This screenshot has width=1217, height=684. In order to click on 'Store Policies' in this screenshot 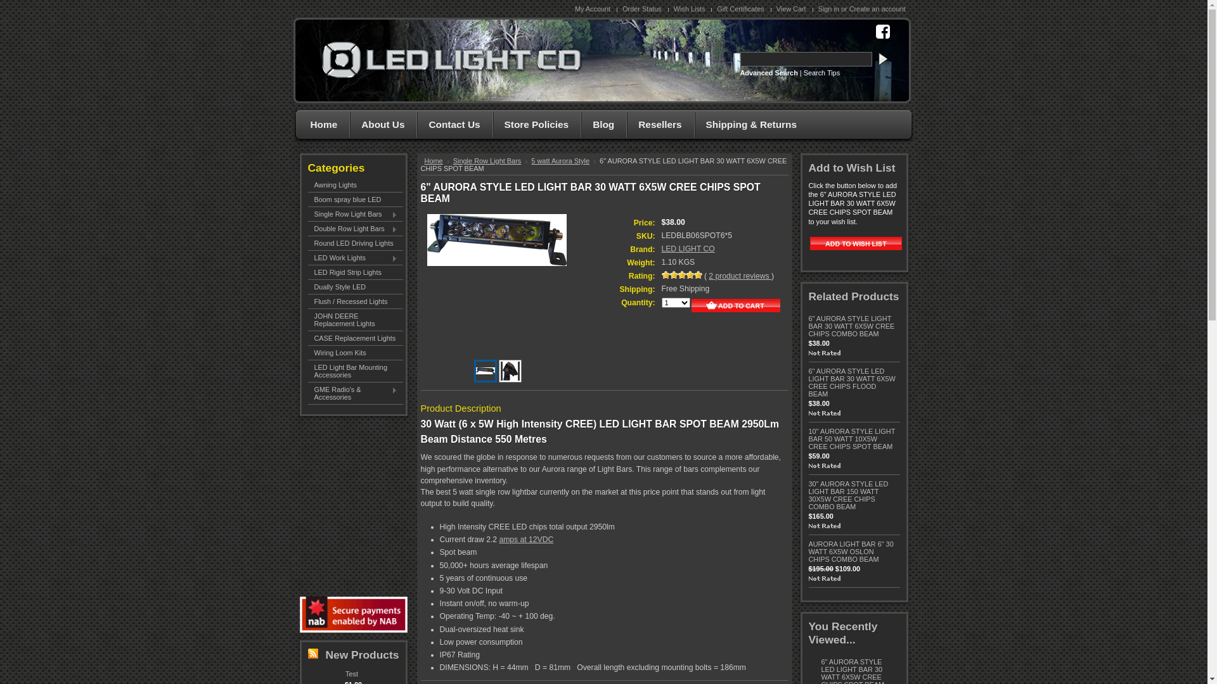, I will do `click(533, 125)`.